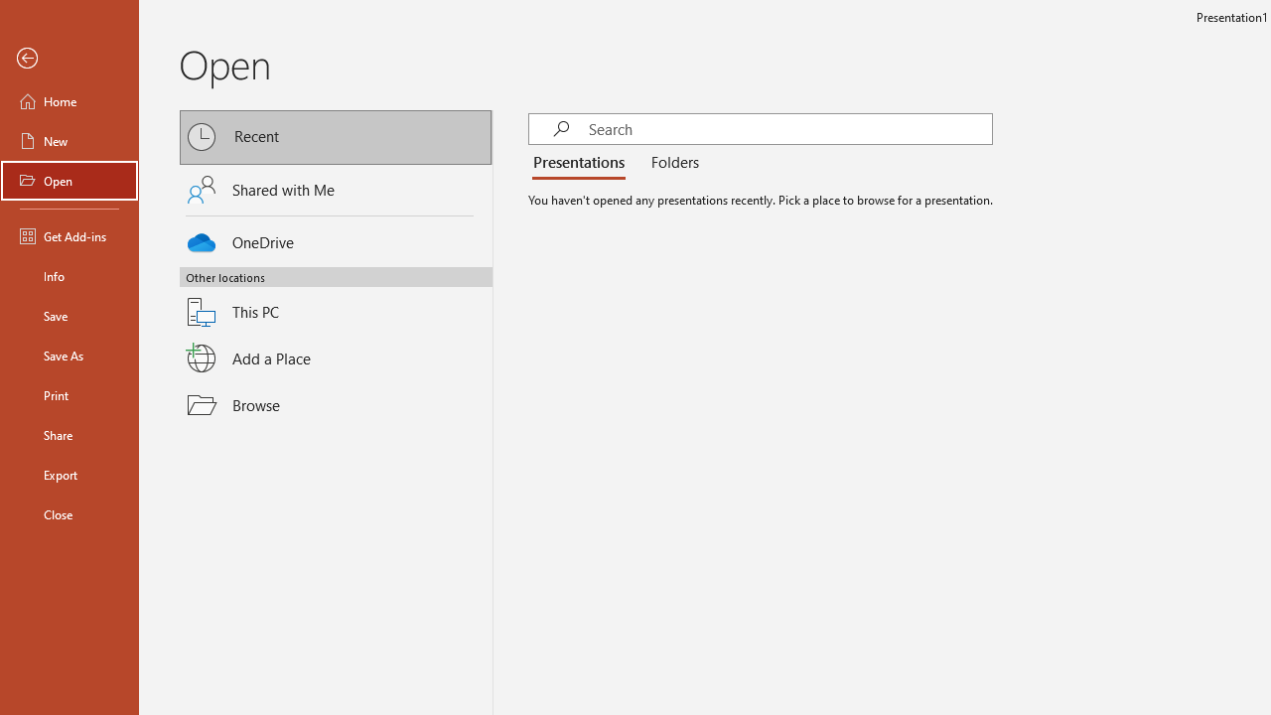 Image resolution: width=1271 pixels, height=715 pixels. Describe the element at coordinates (69, 275) in the screenshot. I see `'Info'` at that location.